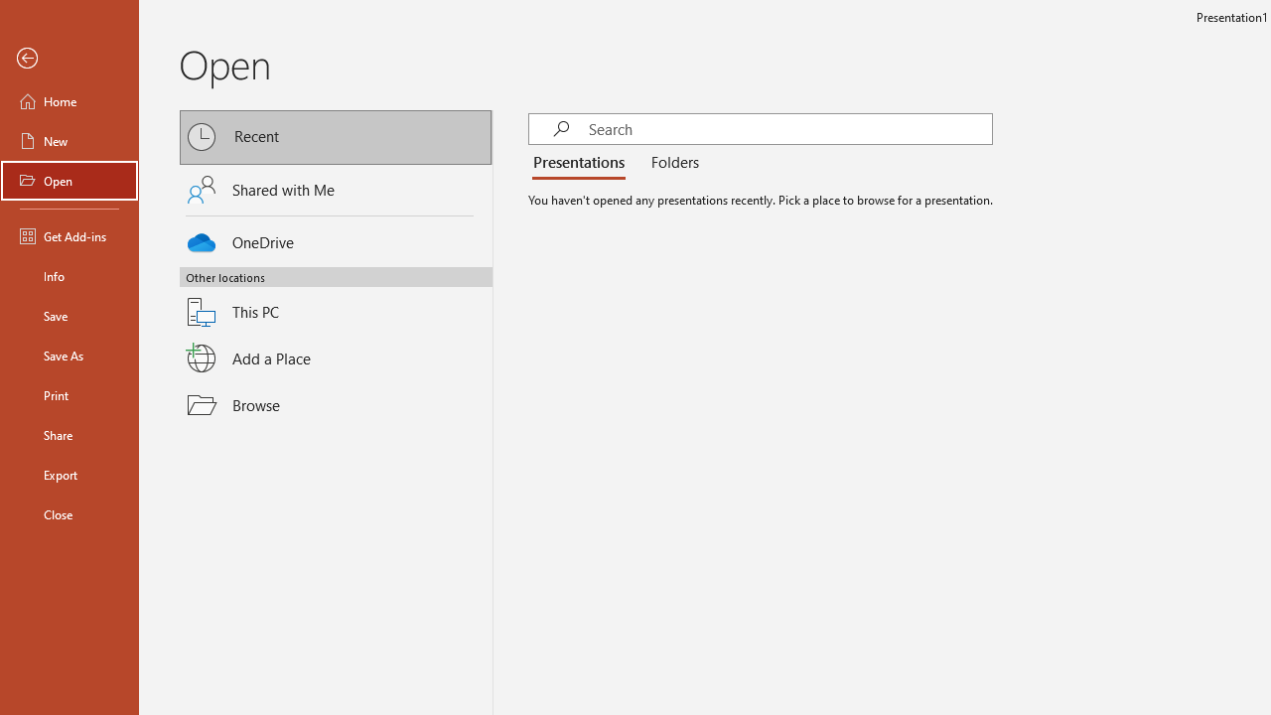 Image resolution: width=1271 pixels, height=715 pixels. Describe the element at coordinates (69, 275) in the screenshot. I see `'Info'` at that location.